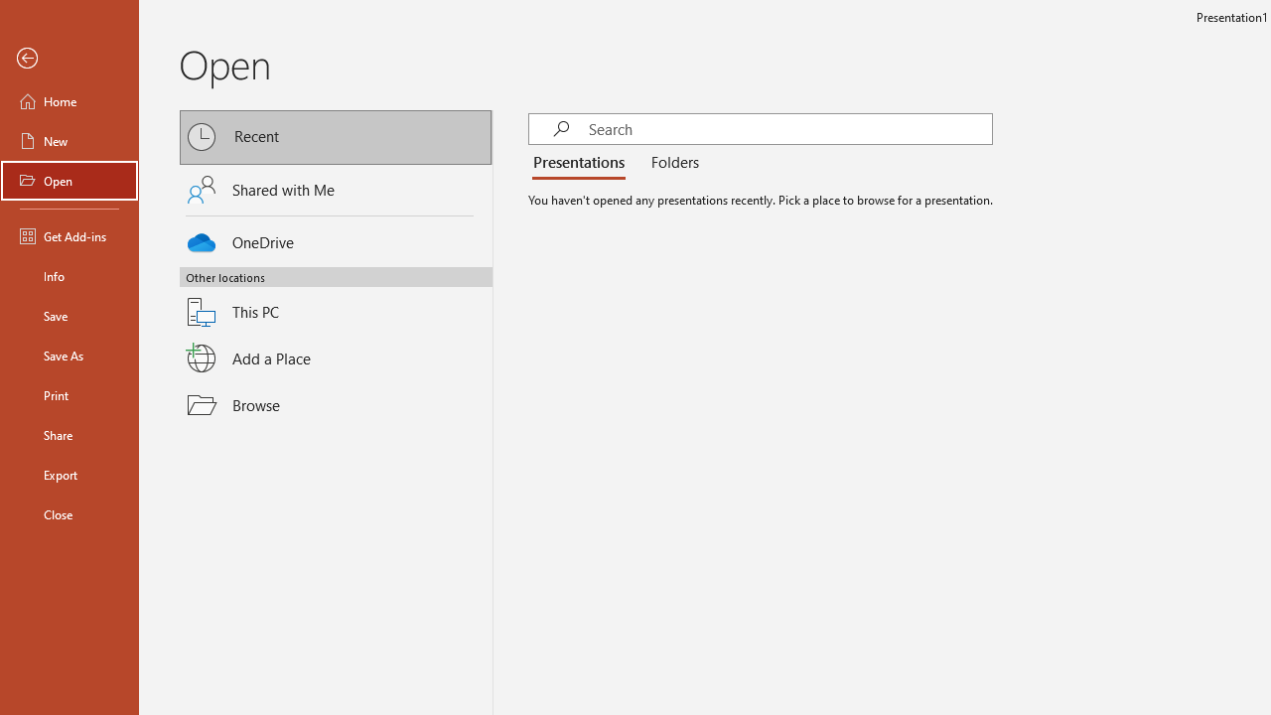 Image resolution: width=1271 pixels, height=715 pixels. Describe the element at coordinates (69, 275) in the screenshot. I see `'Info'` at that location.